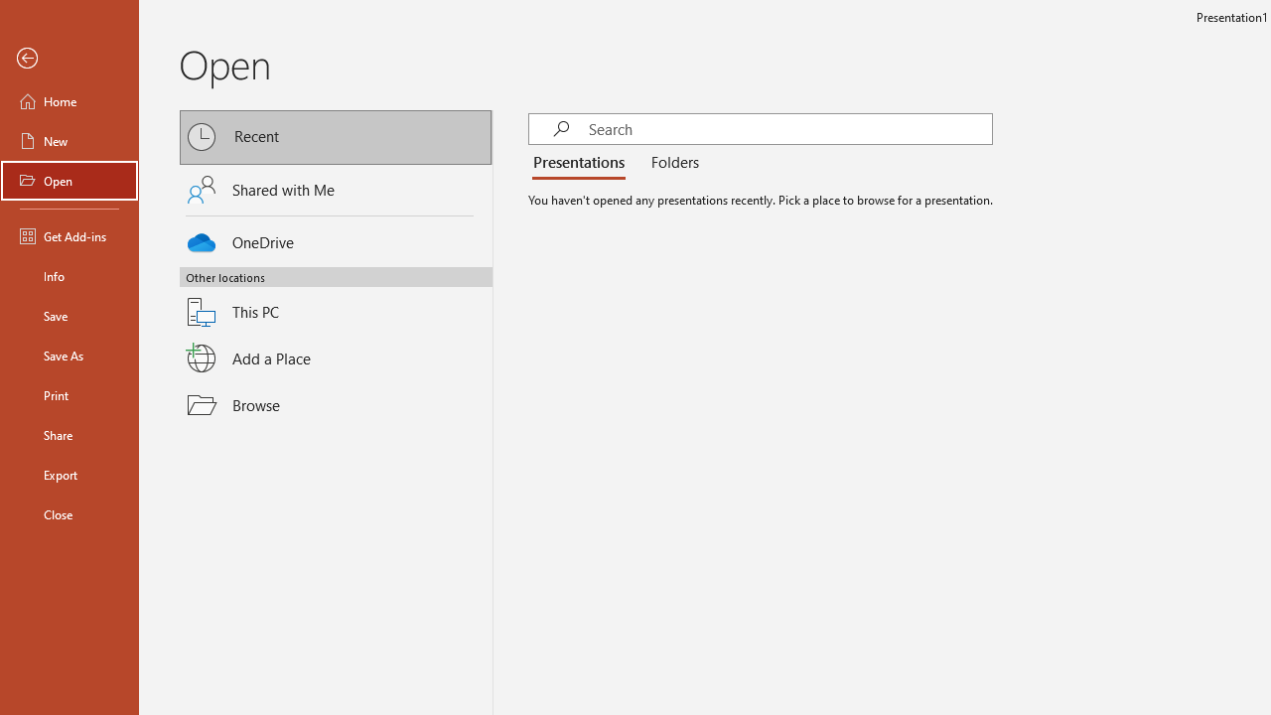 Image resolution: width=1271 pixels, height=715 pixels. Describe the element at coordinates (69, 275) in the screenshot. I see `'Info'` at that location.